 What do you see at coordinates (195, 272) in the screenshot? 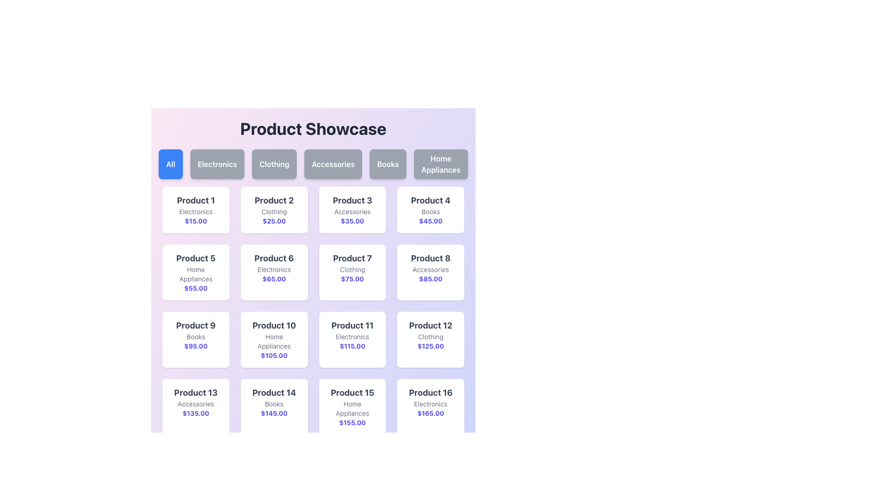
I see `the informational card representing a product located in the second row of the grid layout, positioned below 'Product 1' and above 'Product 9', adjacent to 'Product 6'` at bounding box center [195, 272].